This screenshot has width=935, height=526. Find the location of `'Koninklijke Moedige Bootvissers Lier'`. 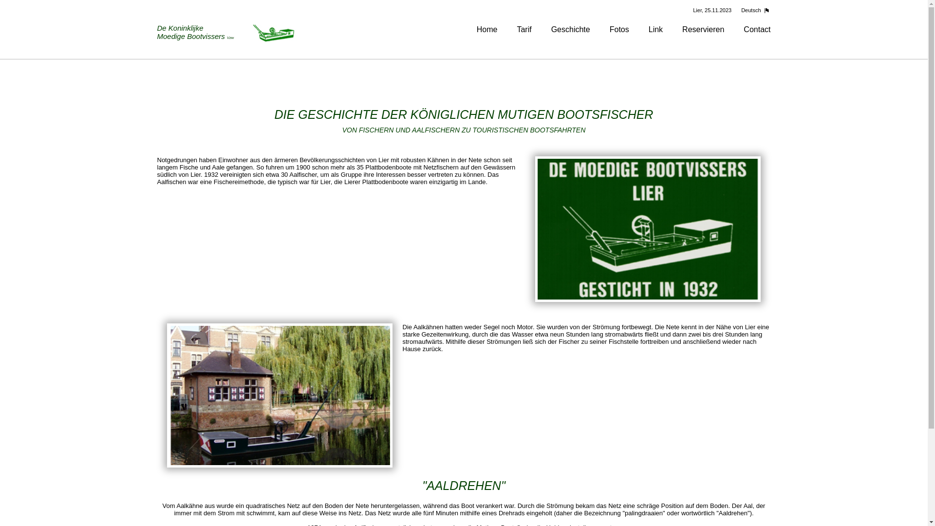

'Koninklijke Moedige Bootvissers Lier' is located at coordinates (648, 229).